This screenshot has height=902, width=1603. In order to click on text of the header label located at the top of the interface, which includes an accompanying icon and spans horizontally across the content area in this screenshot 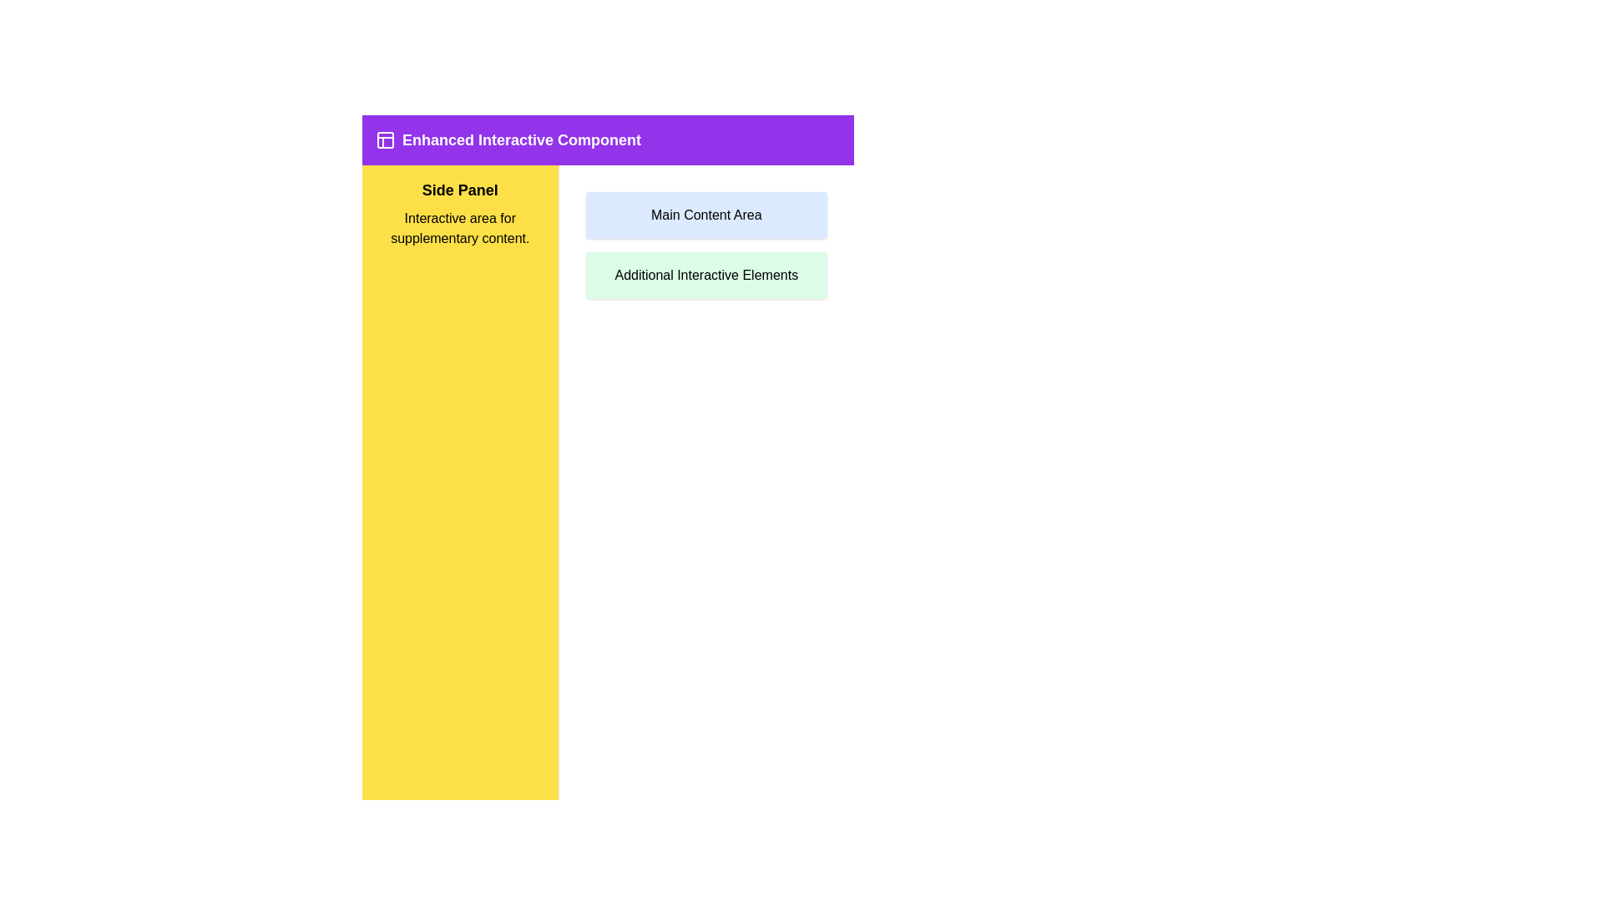, I will do `click(607, 139)`.